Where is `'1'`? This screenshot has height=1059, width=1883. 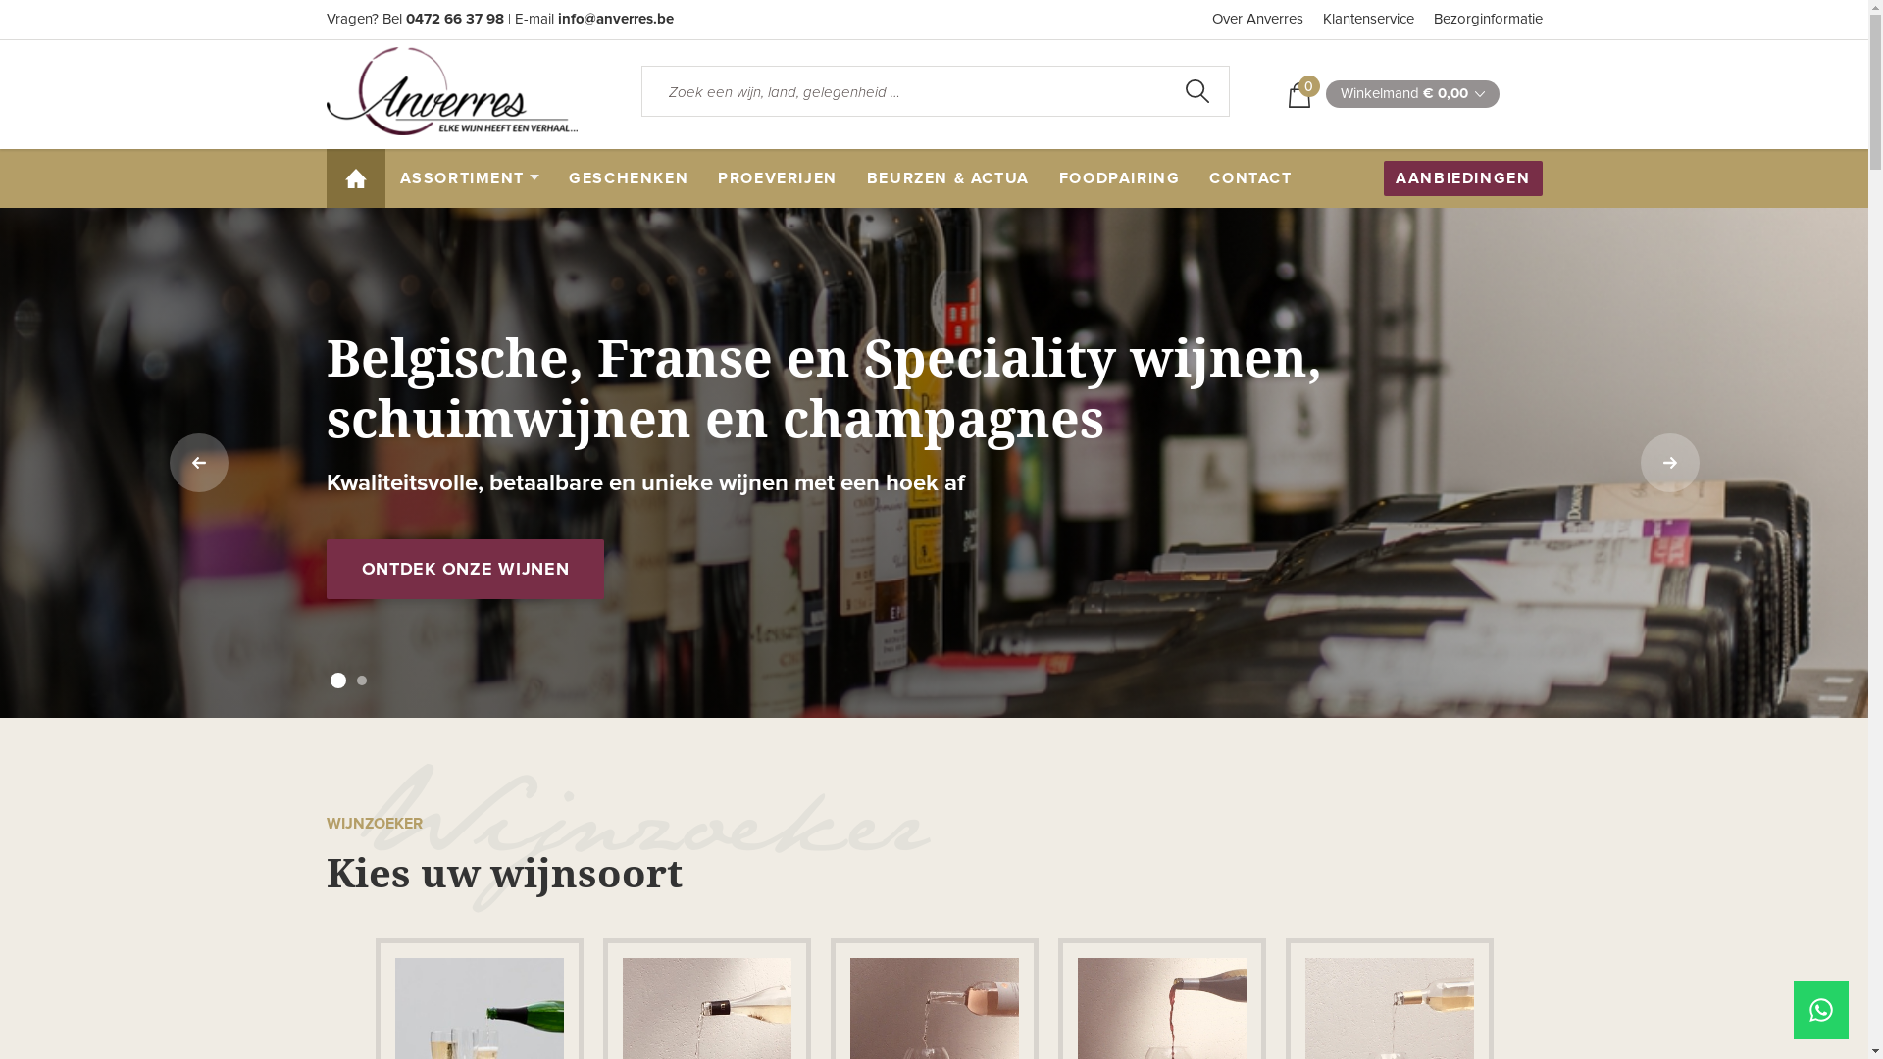 '1' is located at coordinates (338, 680).